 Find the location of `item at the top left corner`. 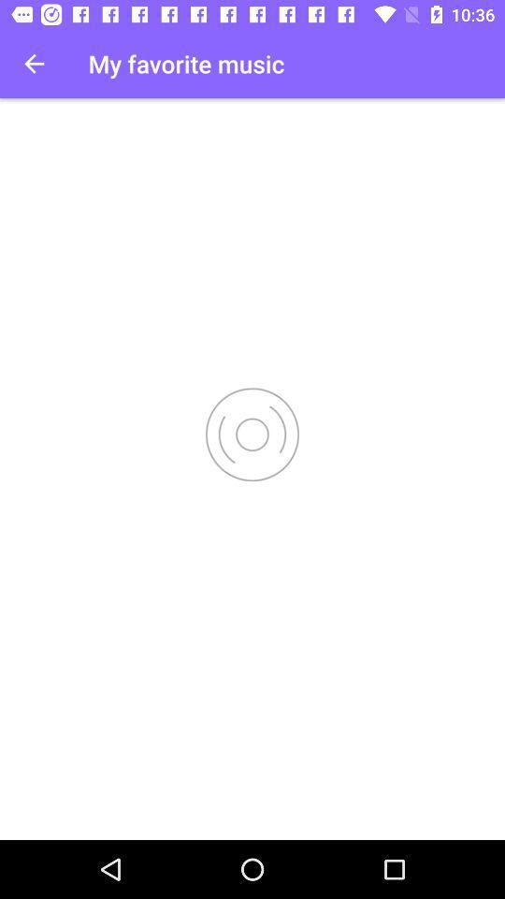

item at the top left corner is located at coordinates (34, 64).